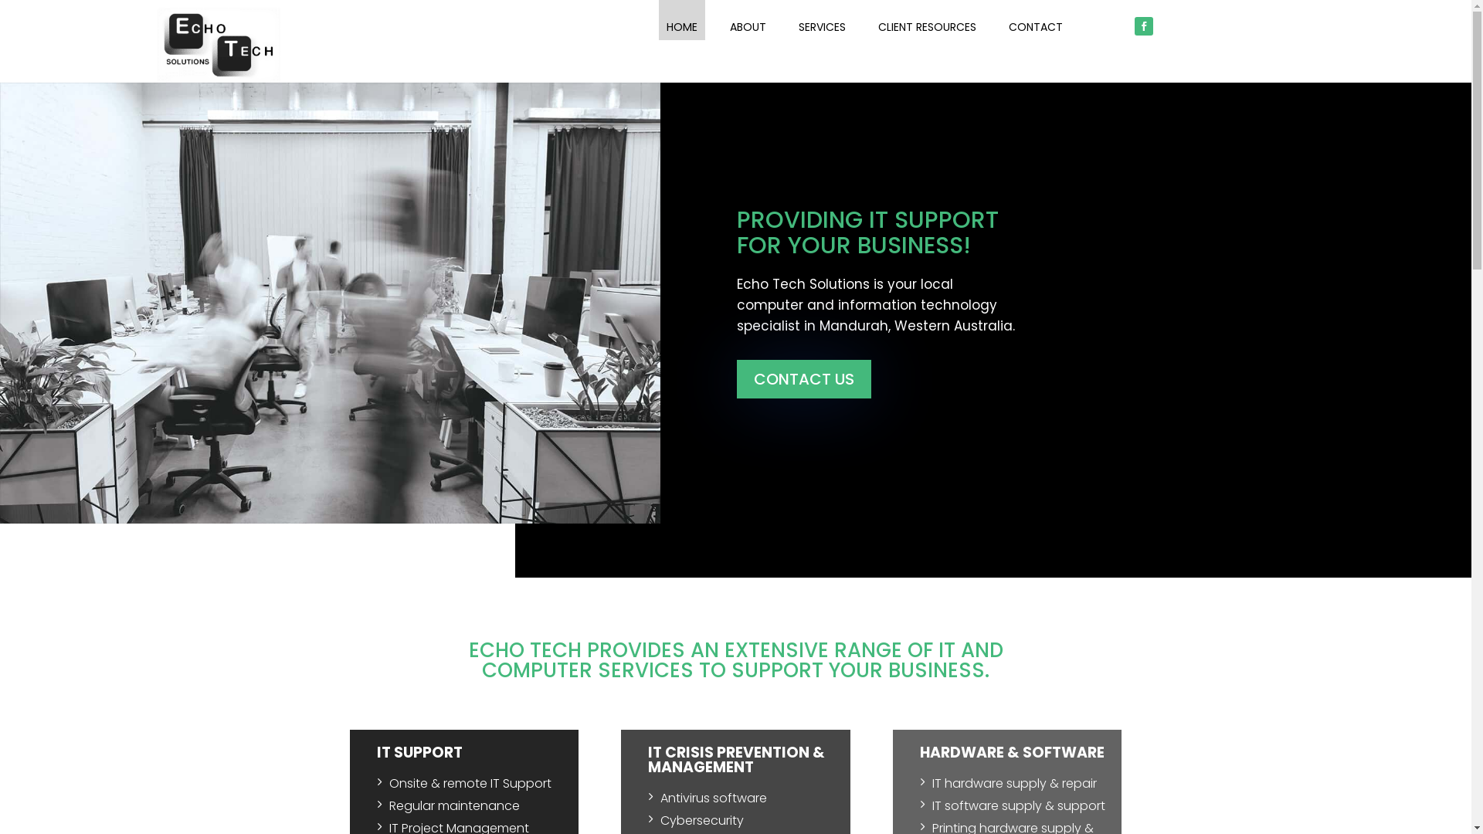 This screenshot has width=1483, height=834. What do you see at coordinates (155, 44) in the screenshot?
I see `'IT Support Mandurah | IT Company Mandurah & Peel Region WA'` at bounding box center [155, 44].